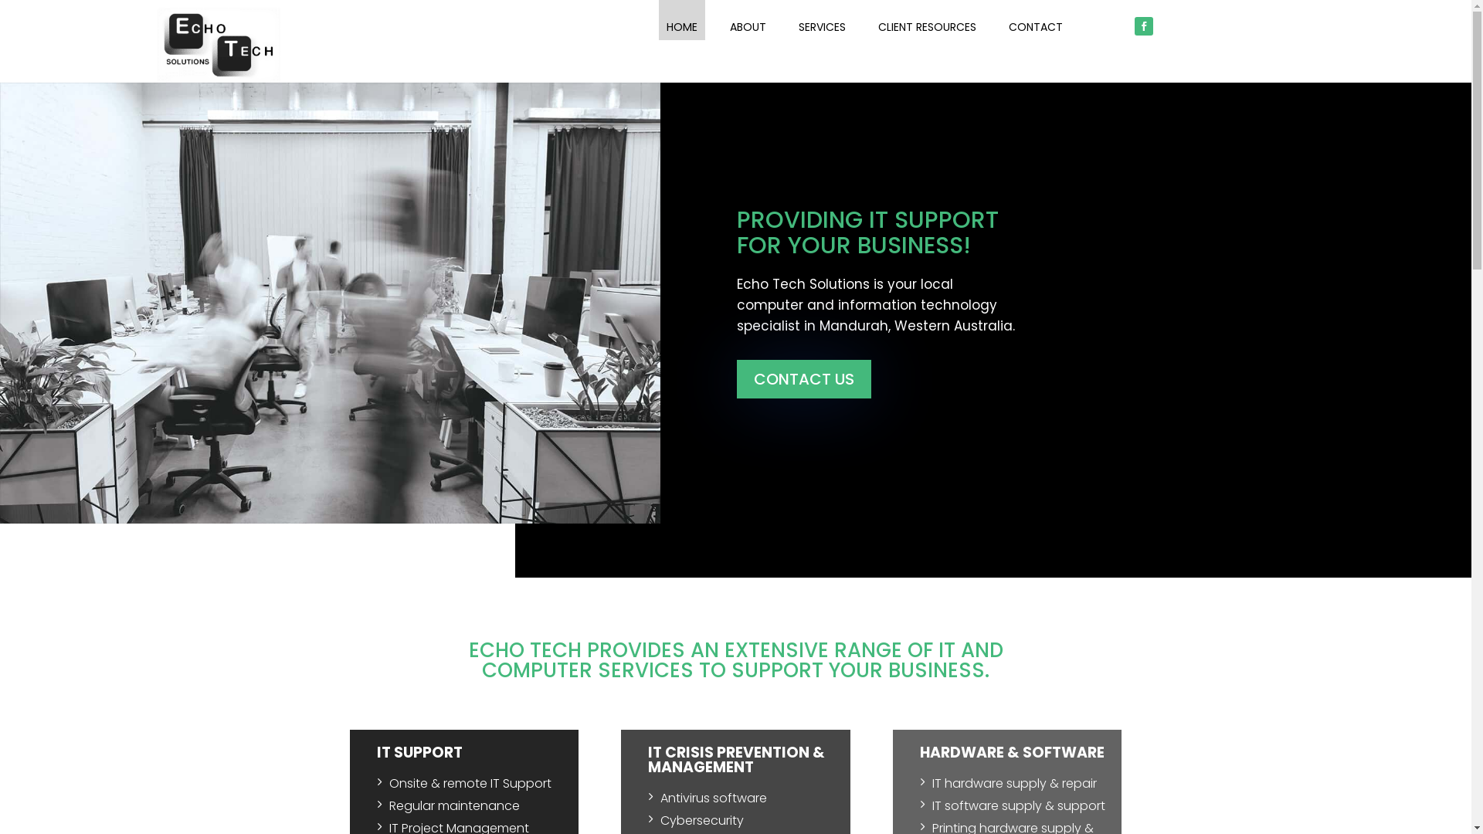 This screenshot has width=1483, height=834. What do you see at coordinates (155, 44) in the screenshot?
I see `'IT Support Mandurah | IT Company Mandurah & Peel Region WA'` at bounding box center [155, 44].